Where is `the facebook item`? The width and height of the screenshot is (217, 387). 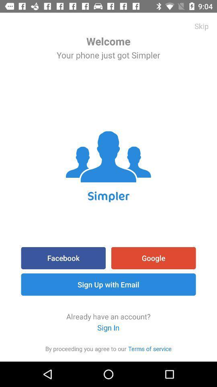
the facebook item is located at coordinates (63, 258).